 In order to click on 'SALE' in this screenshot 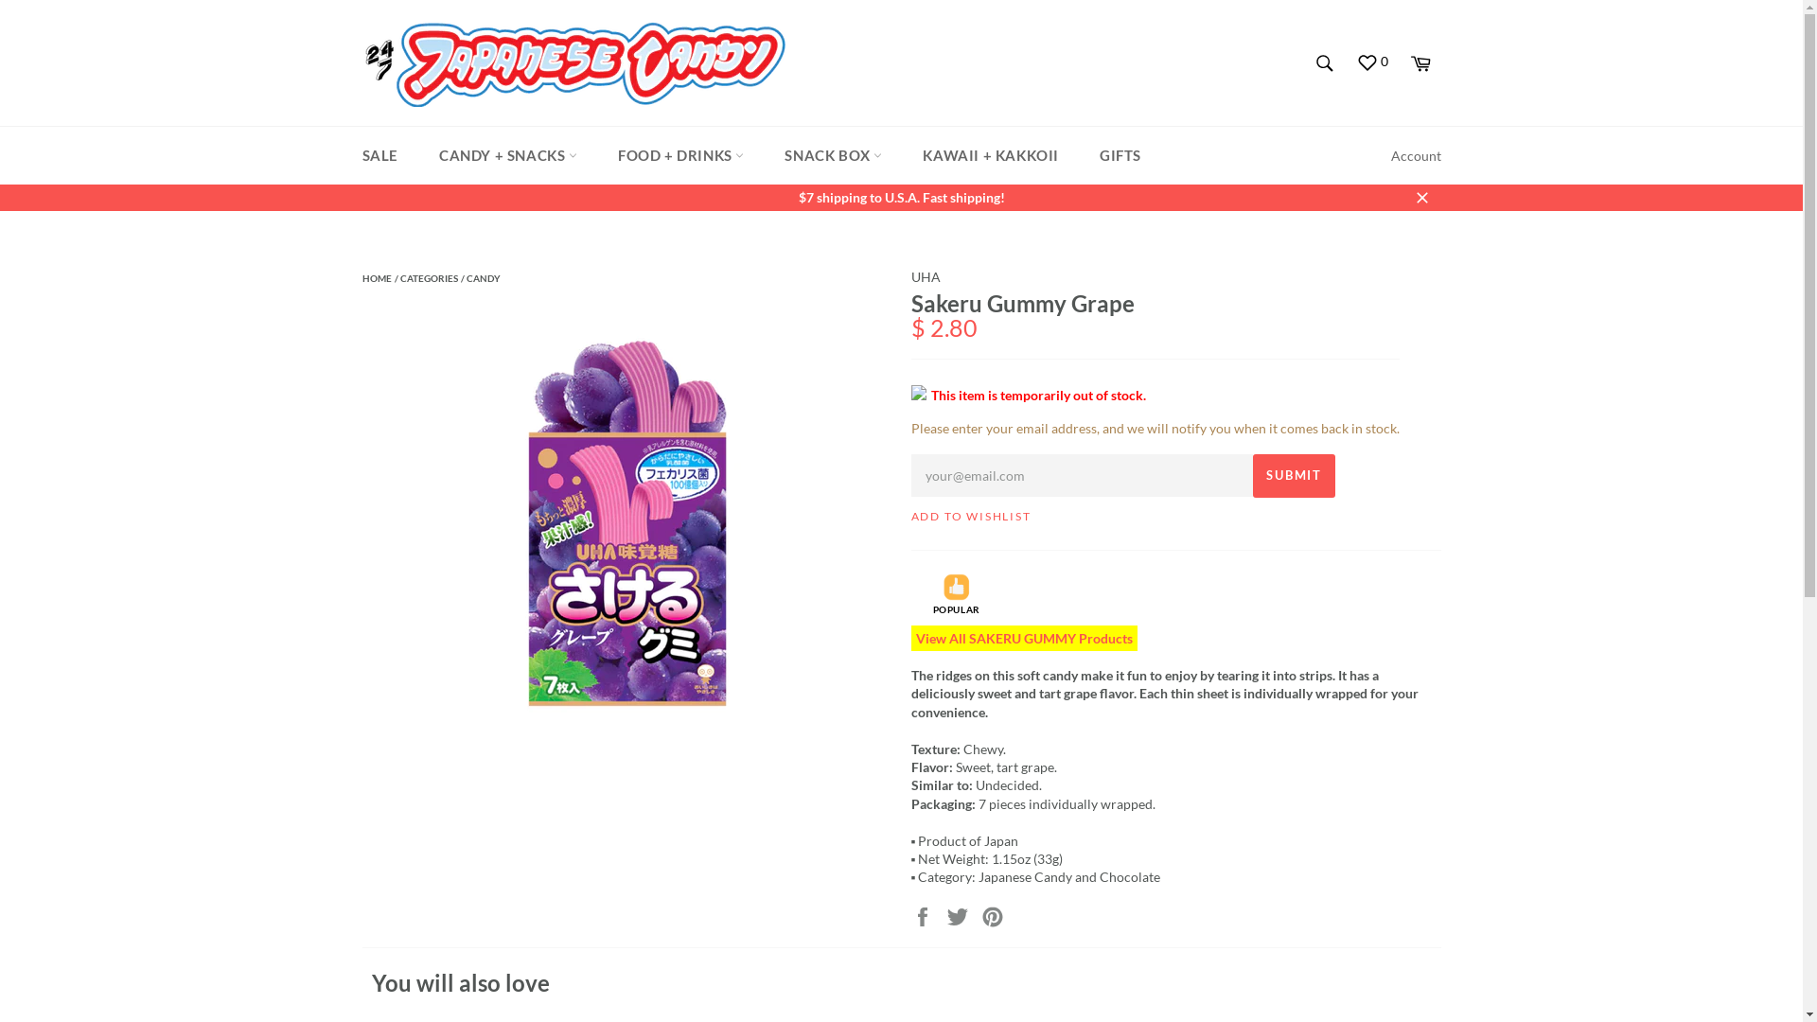, I will do `click(379, 154)`.